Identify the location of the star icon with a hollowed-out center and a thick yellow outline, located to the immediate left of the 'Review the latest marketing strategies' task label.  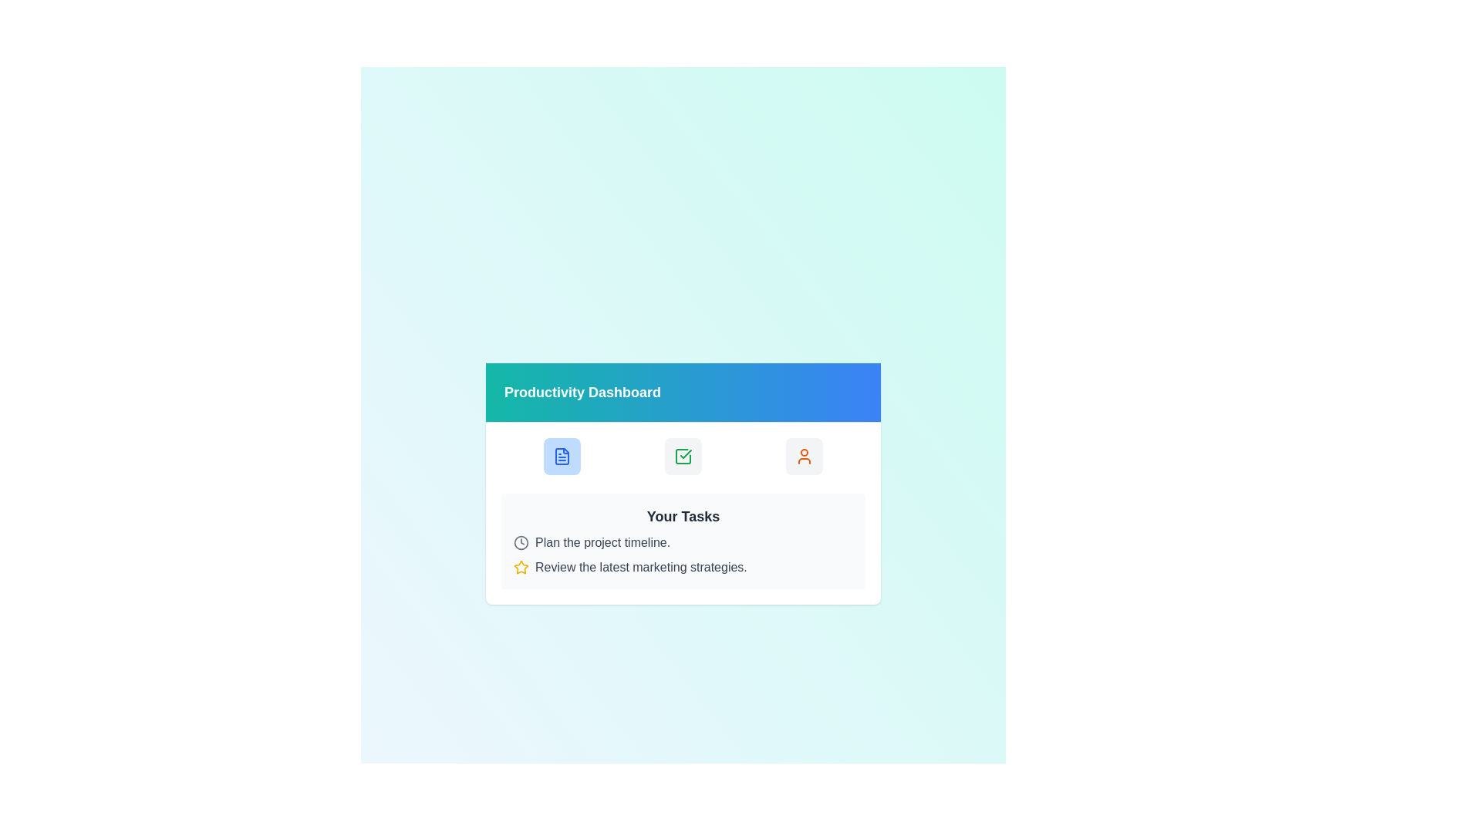
(521, 567).